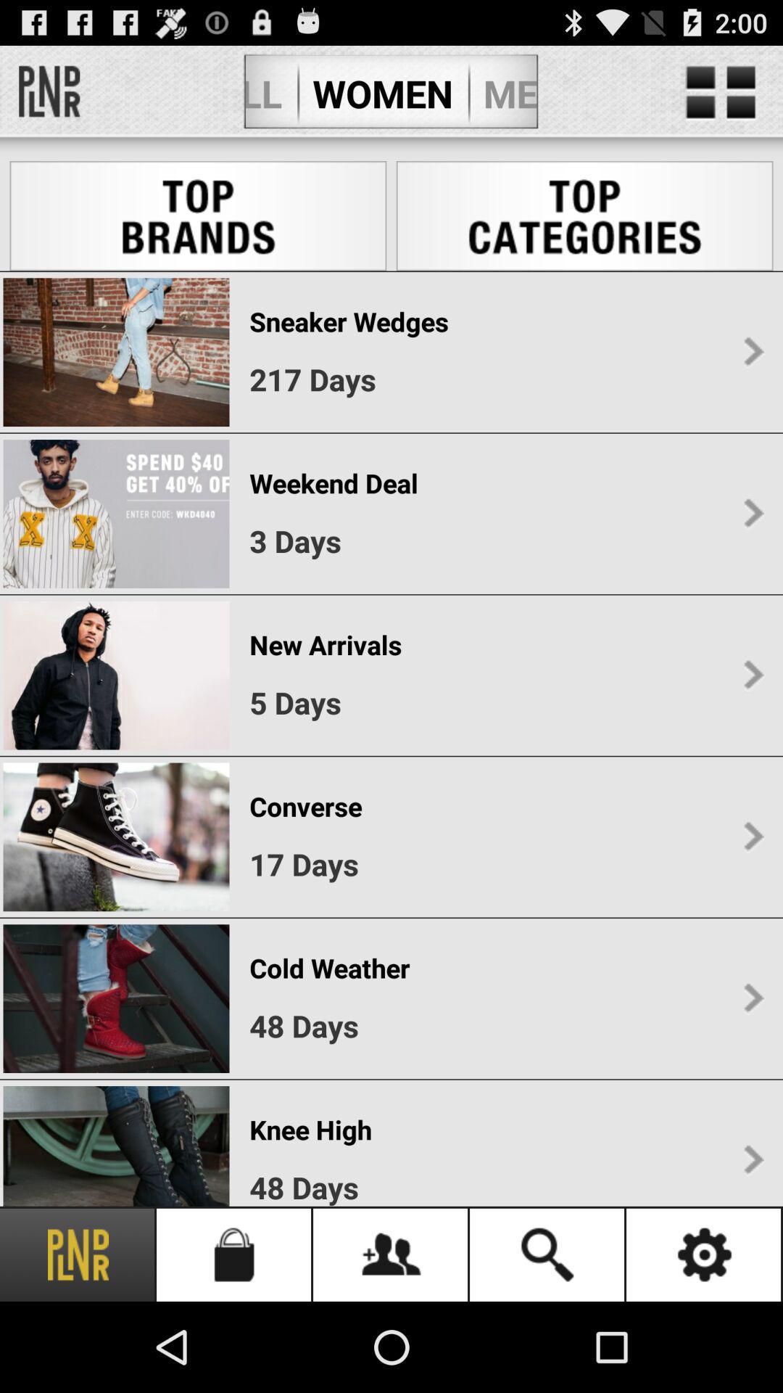 Image resolution: width=783 pixels, height=1393 pixels. What do you see at coordinates (115, 352) in the screenshot?
I see `the first image below top brands` at bounding box center [115, 352].